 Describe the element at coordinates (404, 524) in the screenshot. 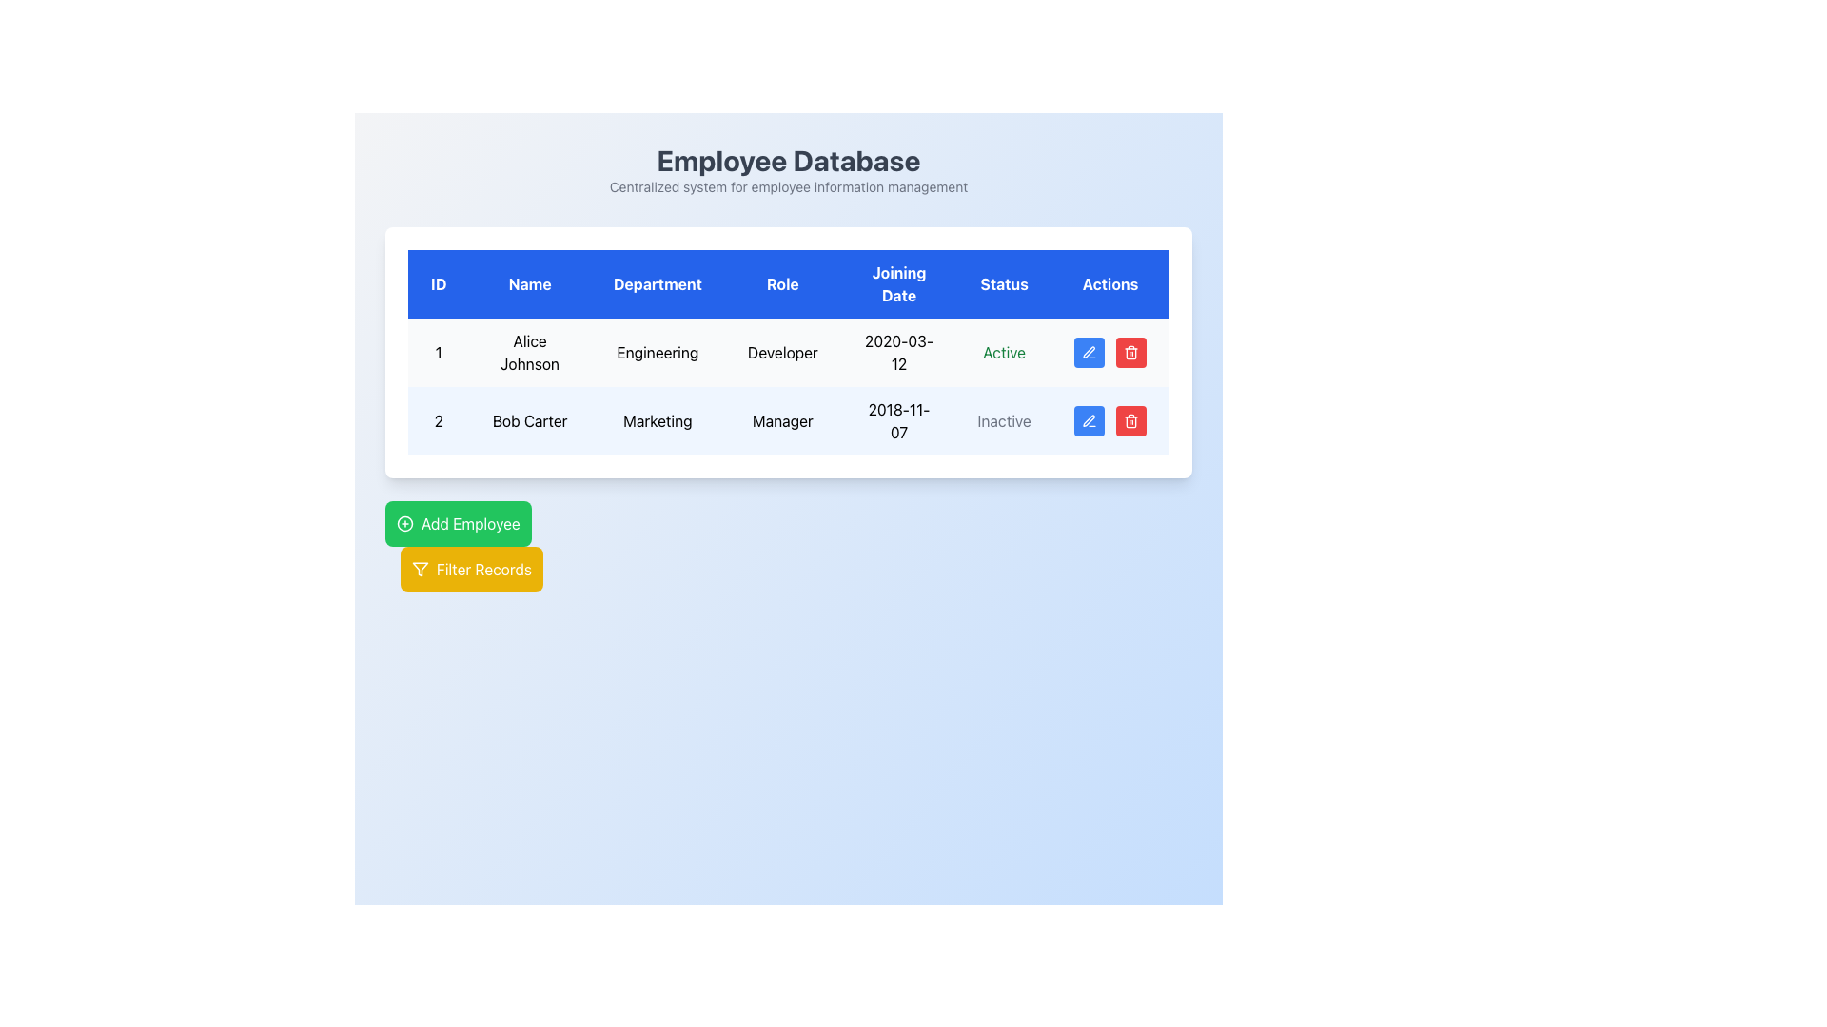

I see `the SVG Circle icon located at the center of the 'Add Employee' button` at that location.